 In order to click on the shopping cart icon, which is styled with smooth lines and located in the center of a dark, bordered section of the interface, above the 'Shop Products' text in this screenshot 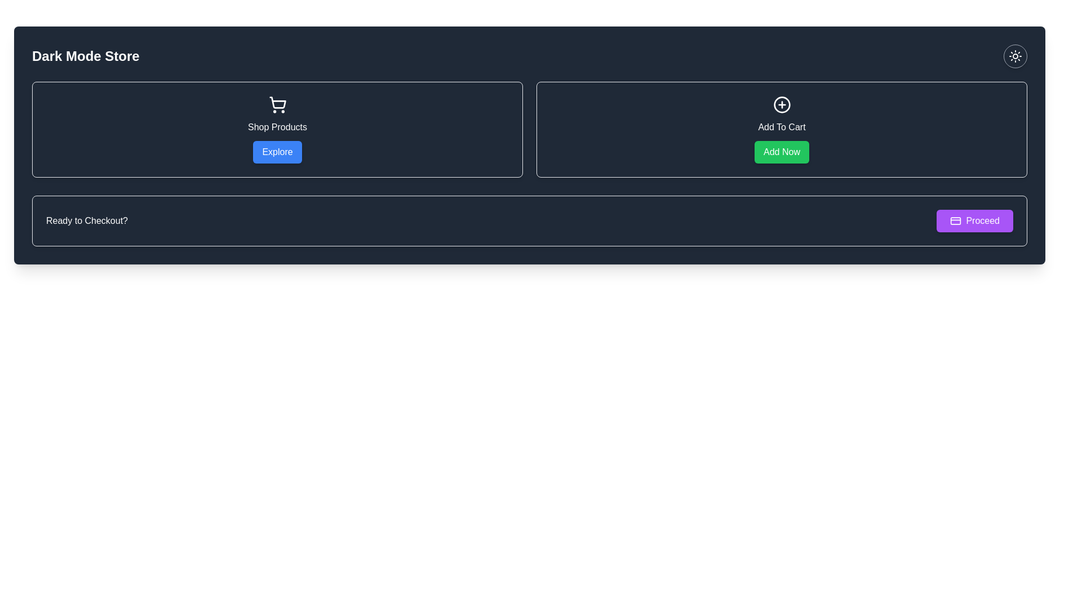, I will do `click(277, 104)`.